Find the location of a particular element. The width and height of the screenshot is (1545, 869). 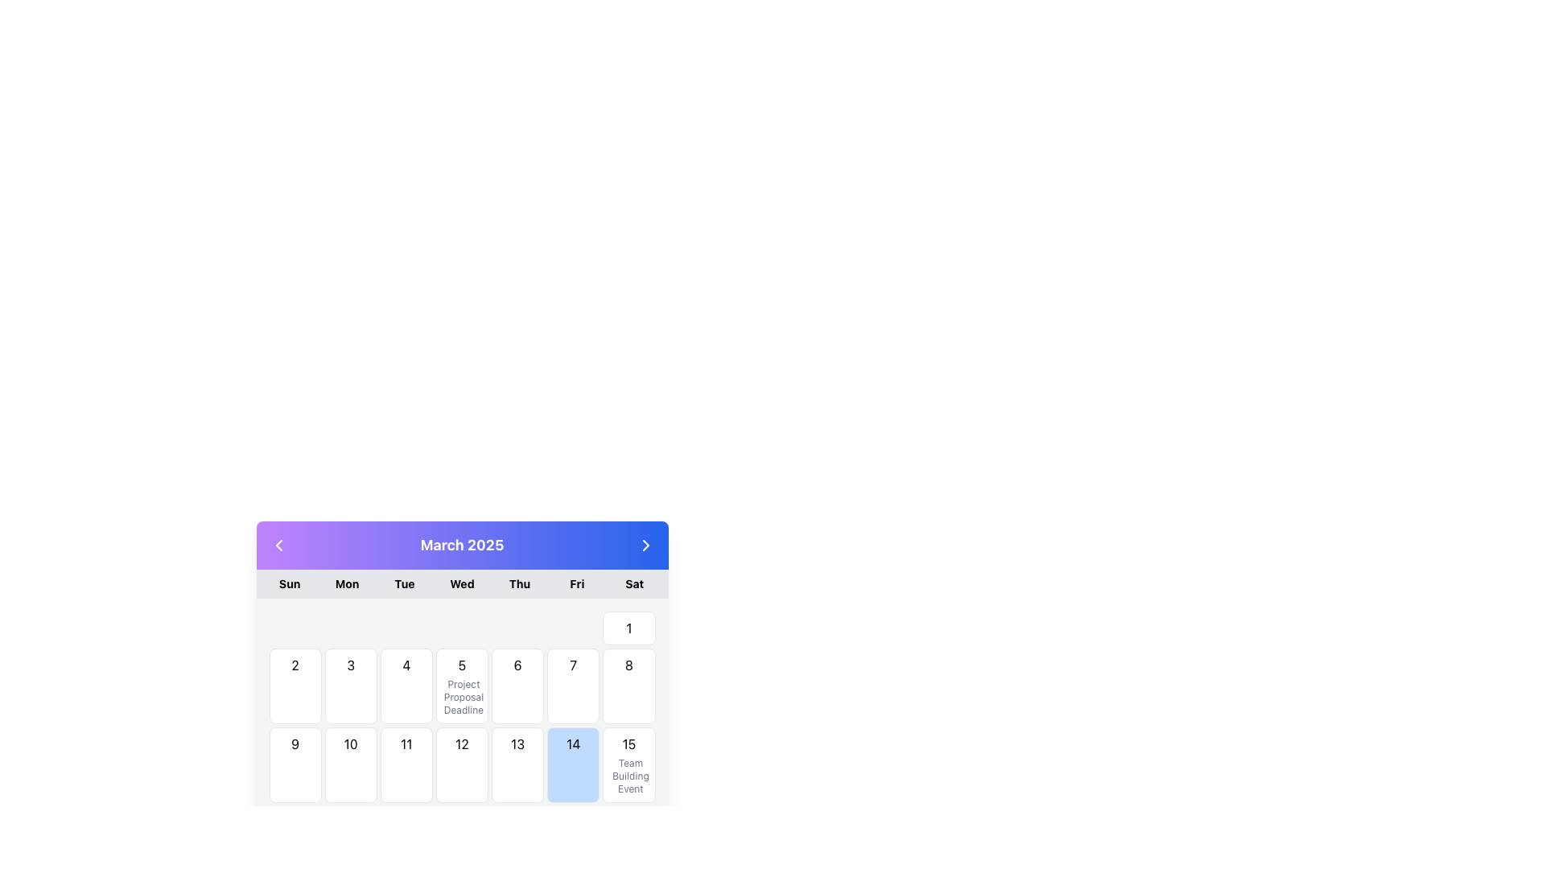

the visual indicator dot located in the fourth column of the first row of the calendar, which marks a significant event on Wednesday is located at coordinates (461, 627).